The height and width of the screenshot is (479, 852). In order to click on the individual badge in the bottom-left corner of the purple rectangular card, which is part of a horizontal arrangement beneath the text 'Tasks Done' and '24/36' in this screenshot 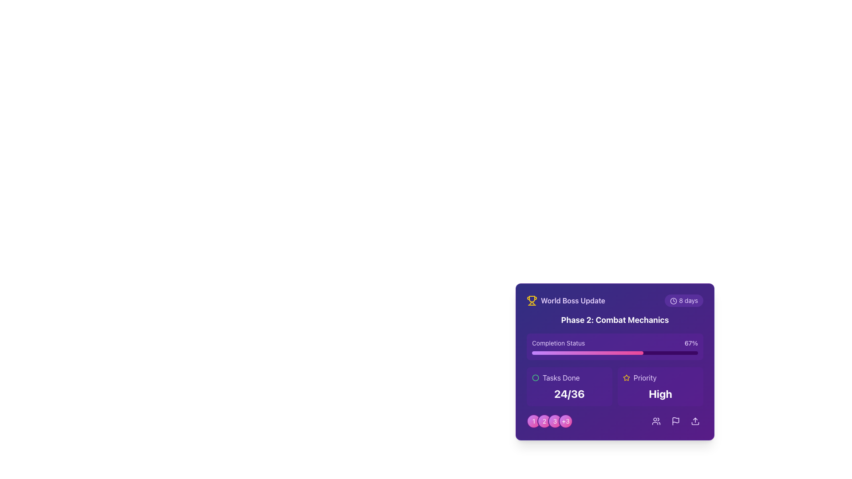, I will do `click(549, 420)`.